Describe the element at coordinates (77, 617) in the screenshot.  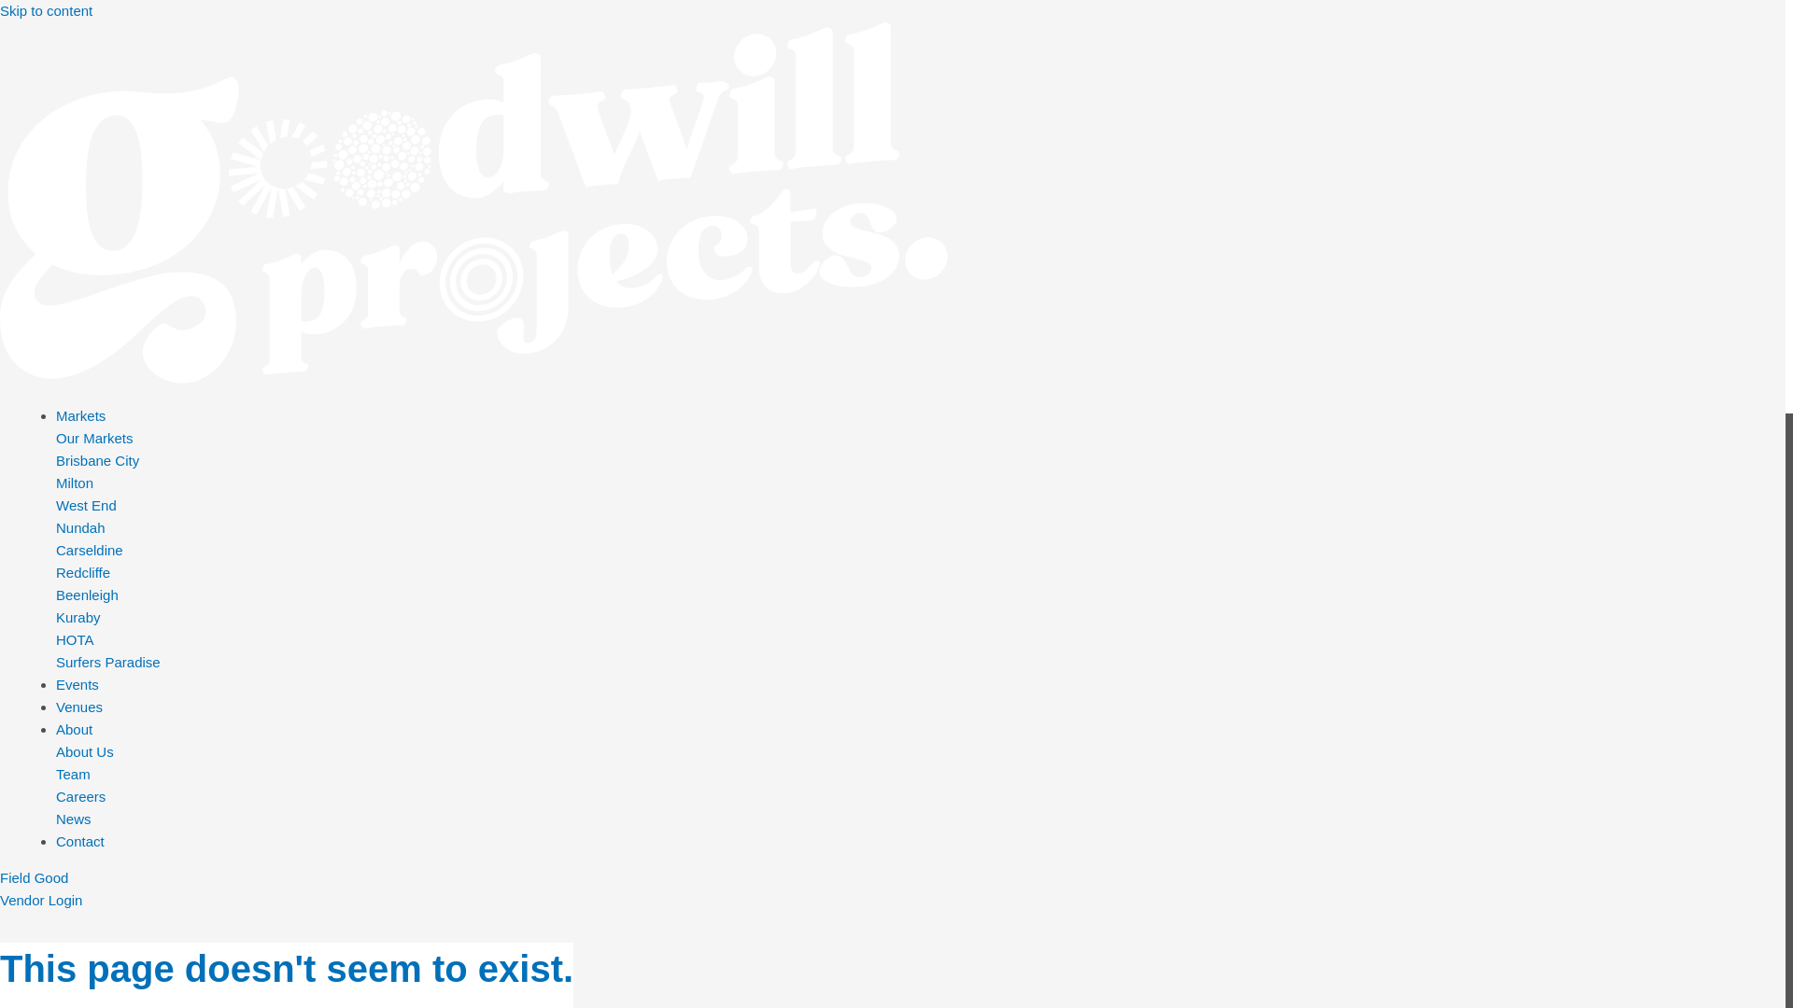
I see `'Kuraby'` at that location.